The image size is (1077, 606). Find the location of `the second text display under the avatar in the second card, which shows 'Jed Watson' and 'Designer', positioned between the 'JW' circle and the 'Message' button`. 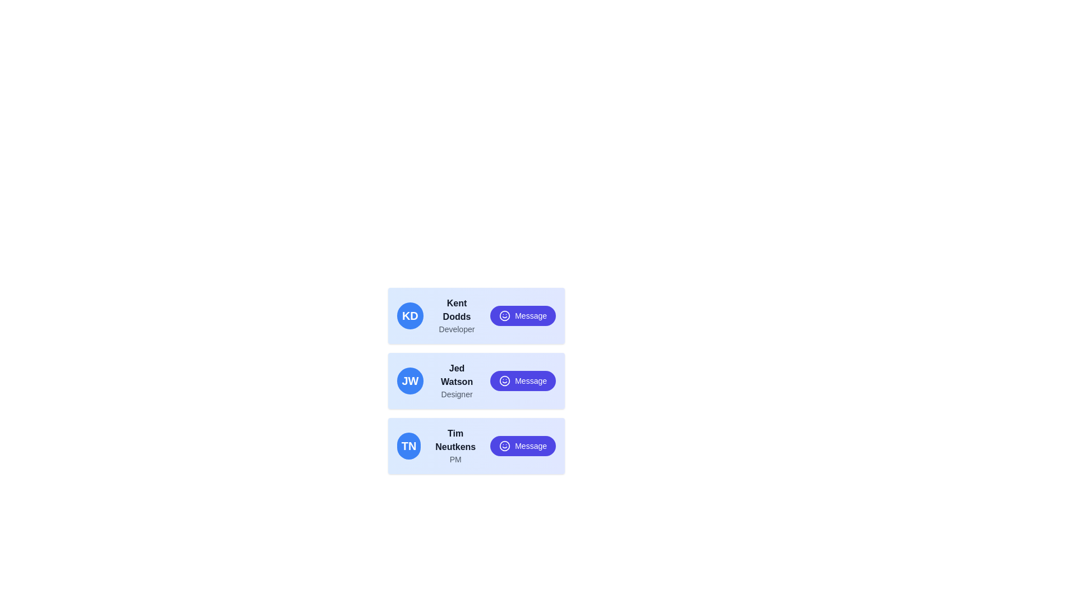

the second text display under the avatar in the second card, which shows 'Jed Watson' and 'Designer', positioned between the 'JW' circle and the 'Message' button is located at coordinates (457, 380).